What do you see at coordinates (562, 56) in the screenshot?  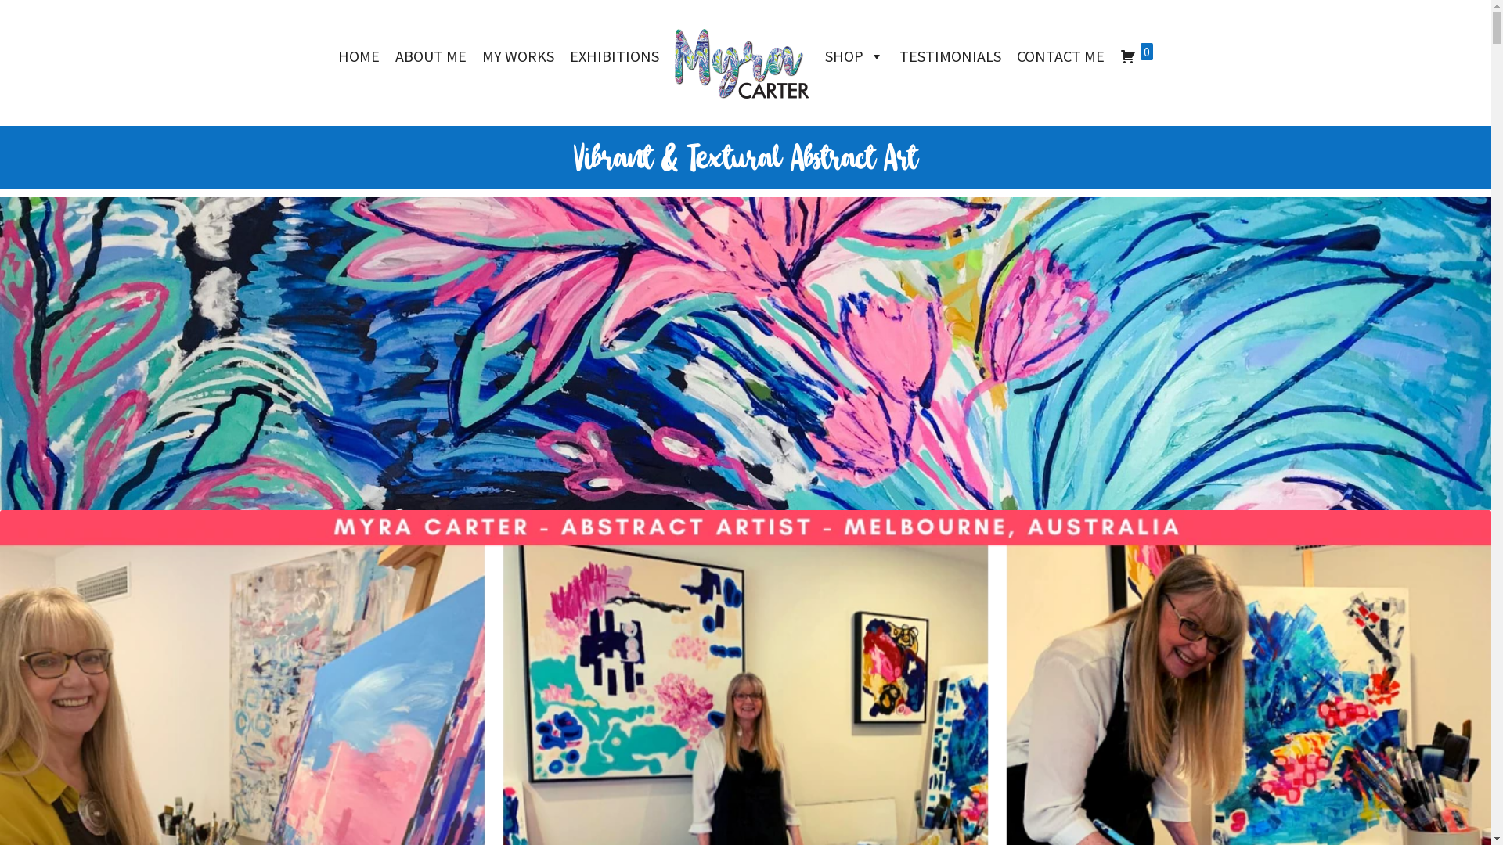 I see `'EXHIBITIONS'` at bounding box center [562, 56].